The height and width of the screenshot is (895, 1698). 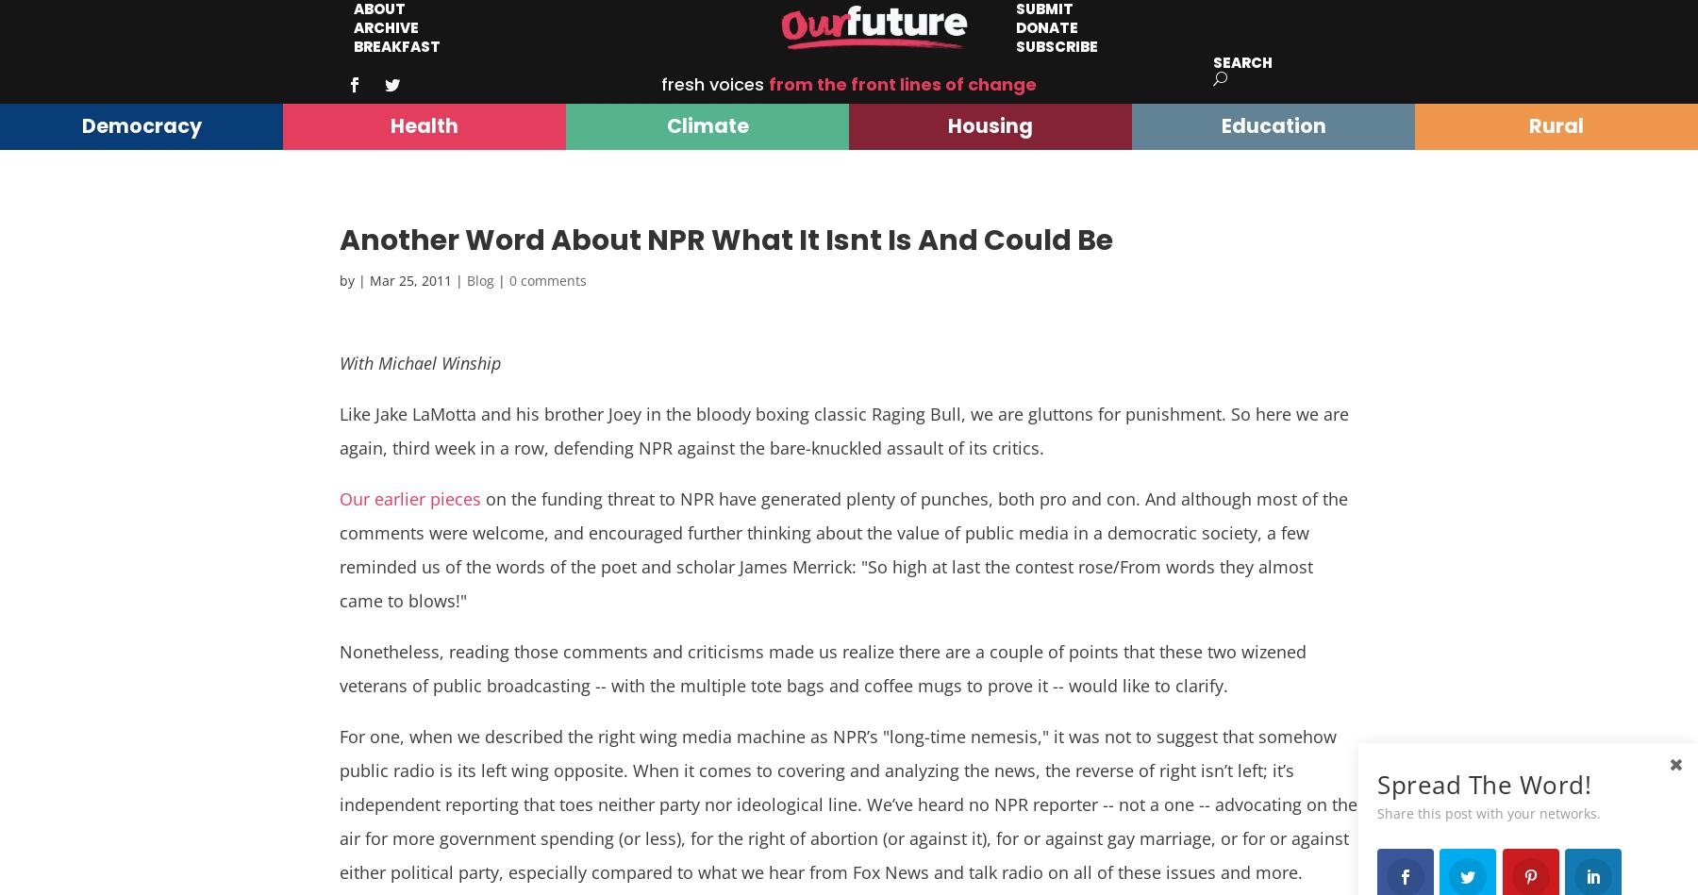 What do you see at coordinates (1242, 63) in the screenshot?
I see `'Search'` at bounding box center [1242, 63].